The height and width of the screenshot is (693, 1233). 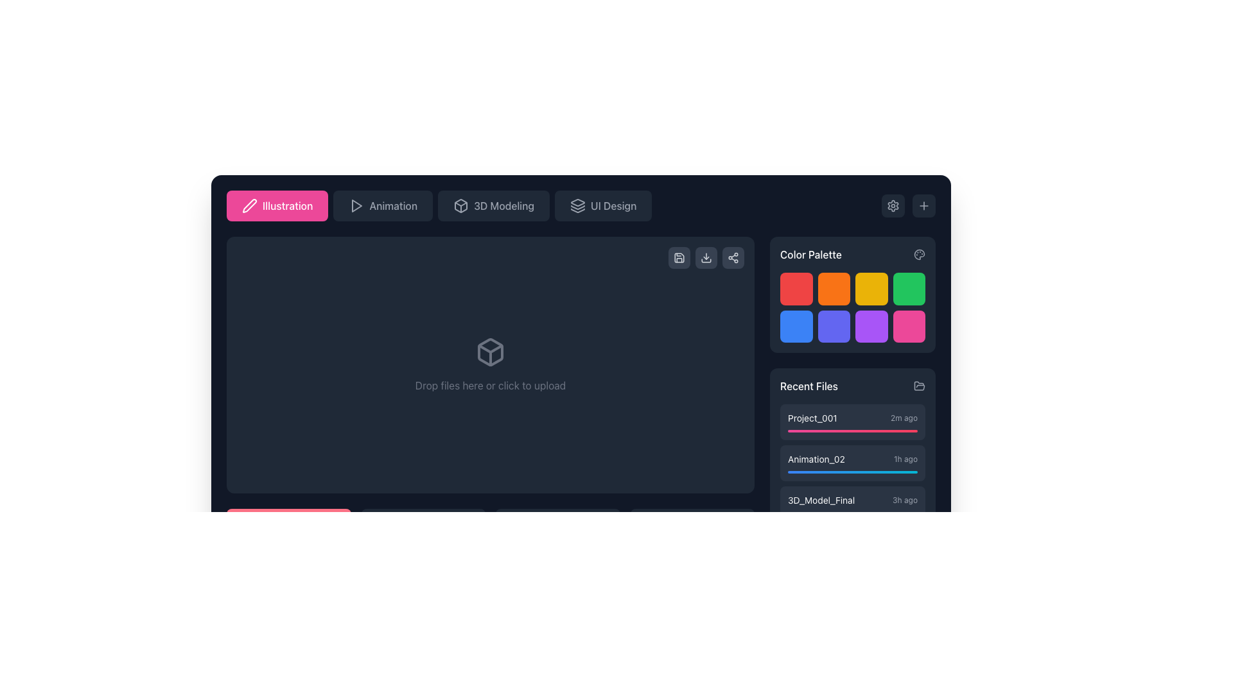 I want to click on the Progress bar associated with 'Project_001' located in the 'Recent Files' section on the right-hand side of the interface, so click(x=853, y=431).